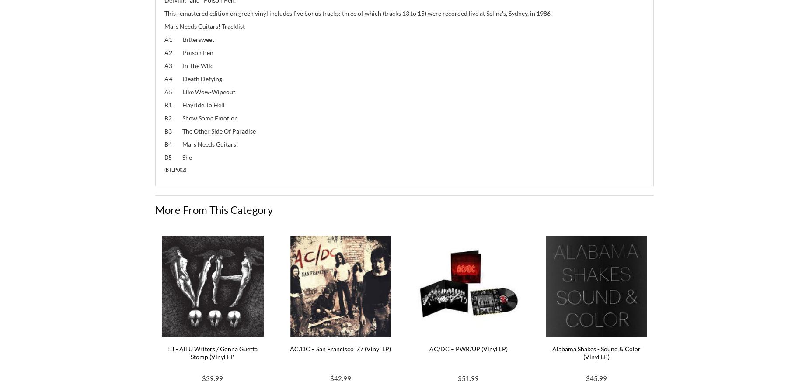 This screenshot has height=381, width=809. What do you see at coordinates (596, 353) in the screenshot?
I see `'Alabama Shakes - Sound & Color (Vinyl LP)'` at bounding box center [596, 353].